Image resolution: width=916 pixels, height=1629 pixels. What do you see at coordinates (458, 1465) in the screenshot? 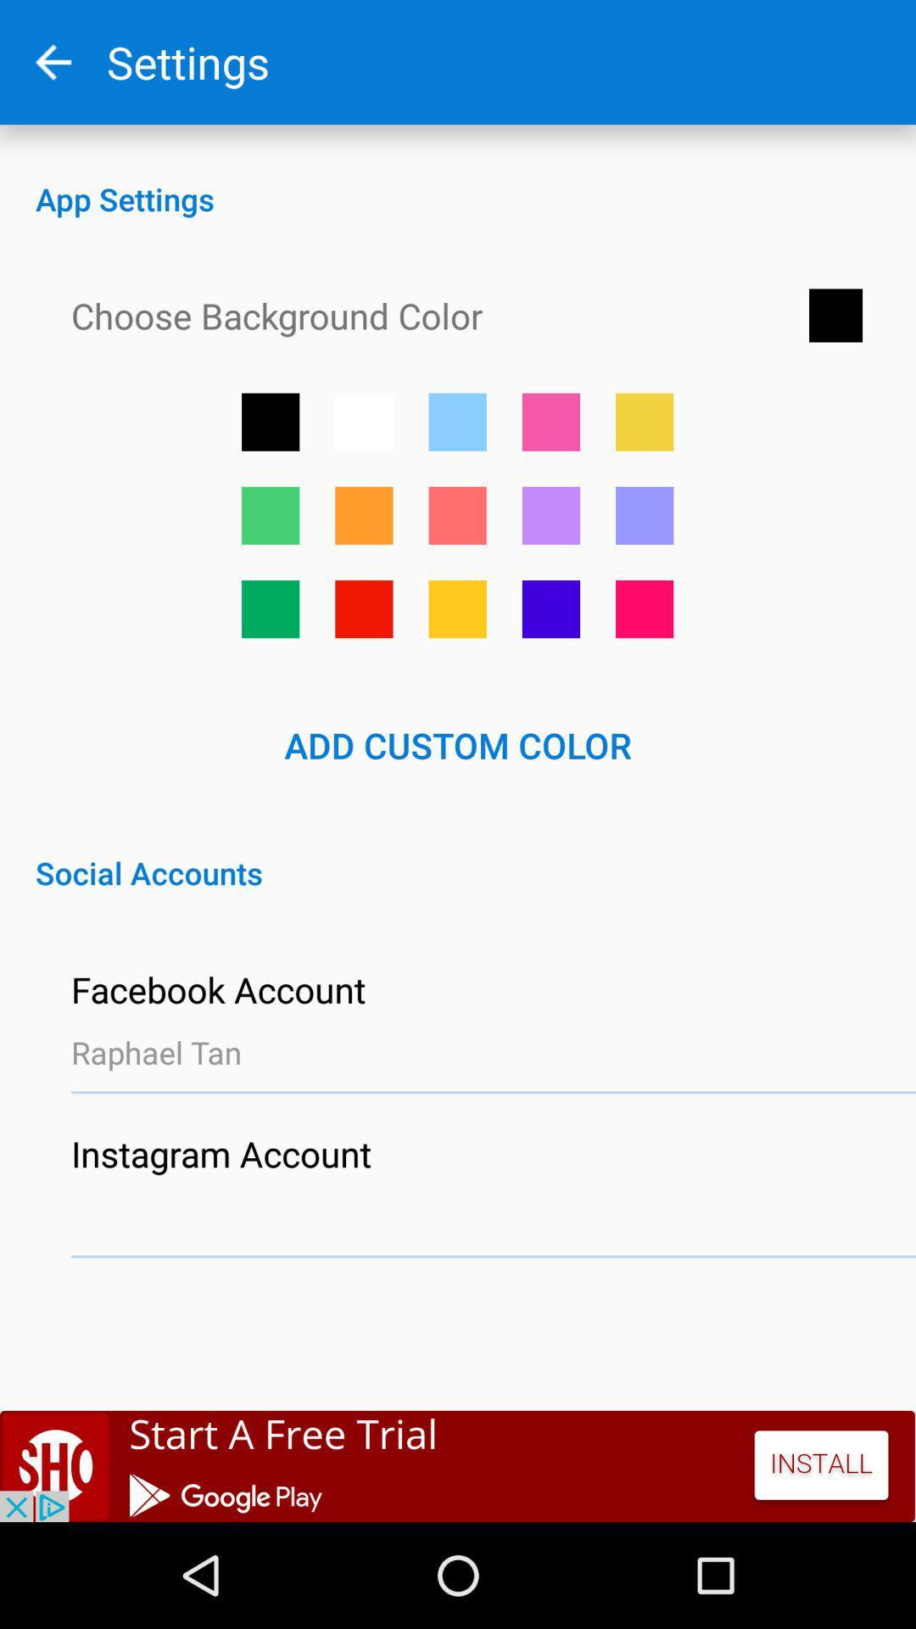
I see `opens advertisement` at bounding box center [458, 1465].